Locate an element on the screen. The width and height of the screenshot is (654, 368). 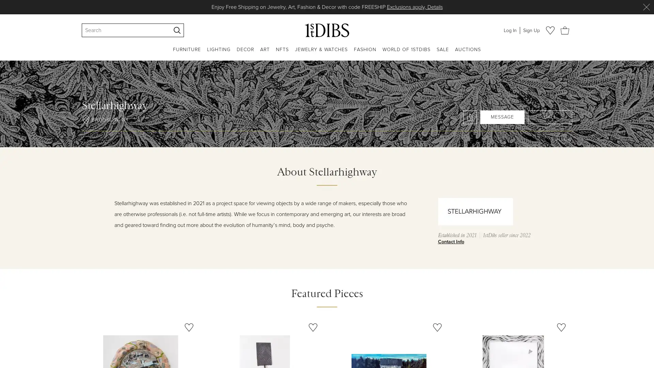
Sign Up is located at coordinates (531, 30).